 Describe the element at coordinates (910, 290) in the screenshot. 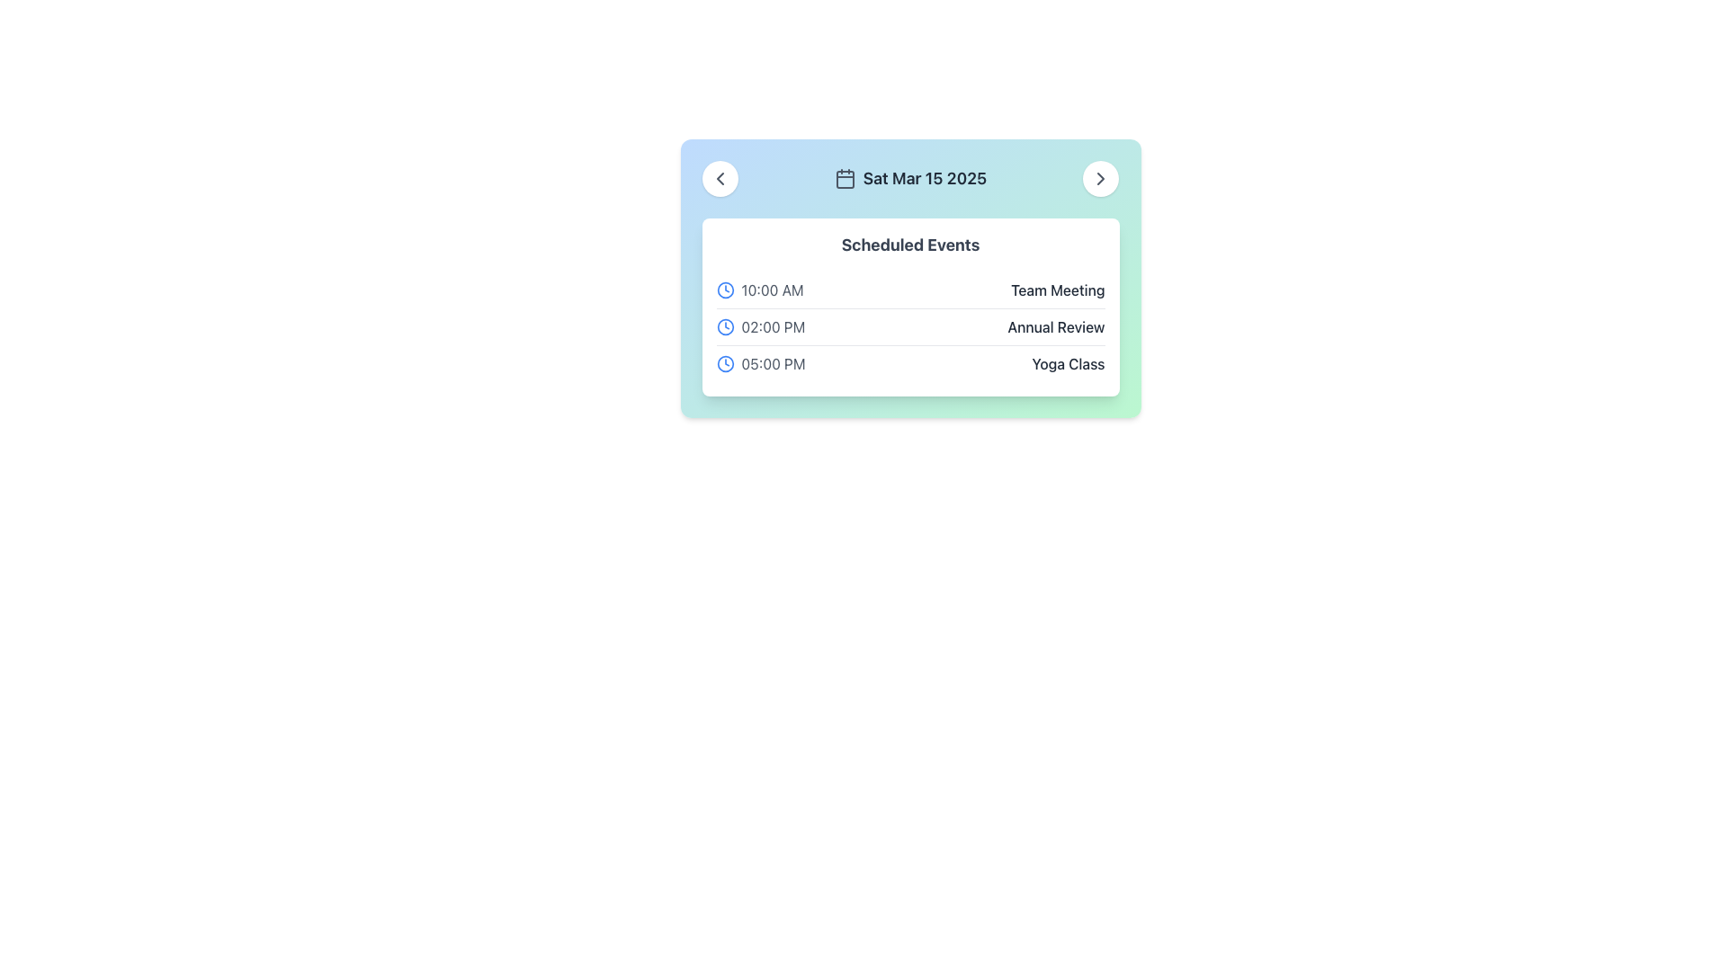

I see `the first list item representing the scheduled event 'Team Meeting' at '10:00 AM'` at that location.